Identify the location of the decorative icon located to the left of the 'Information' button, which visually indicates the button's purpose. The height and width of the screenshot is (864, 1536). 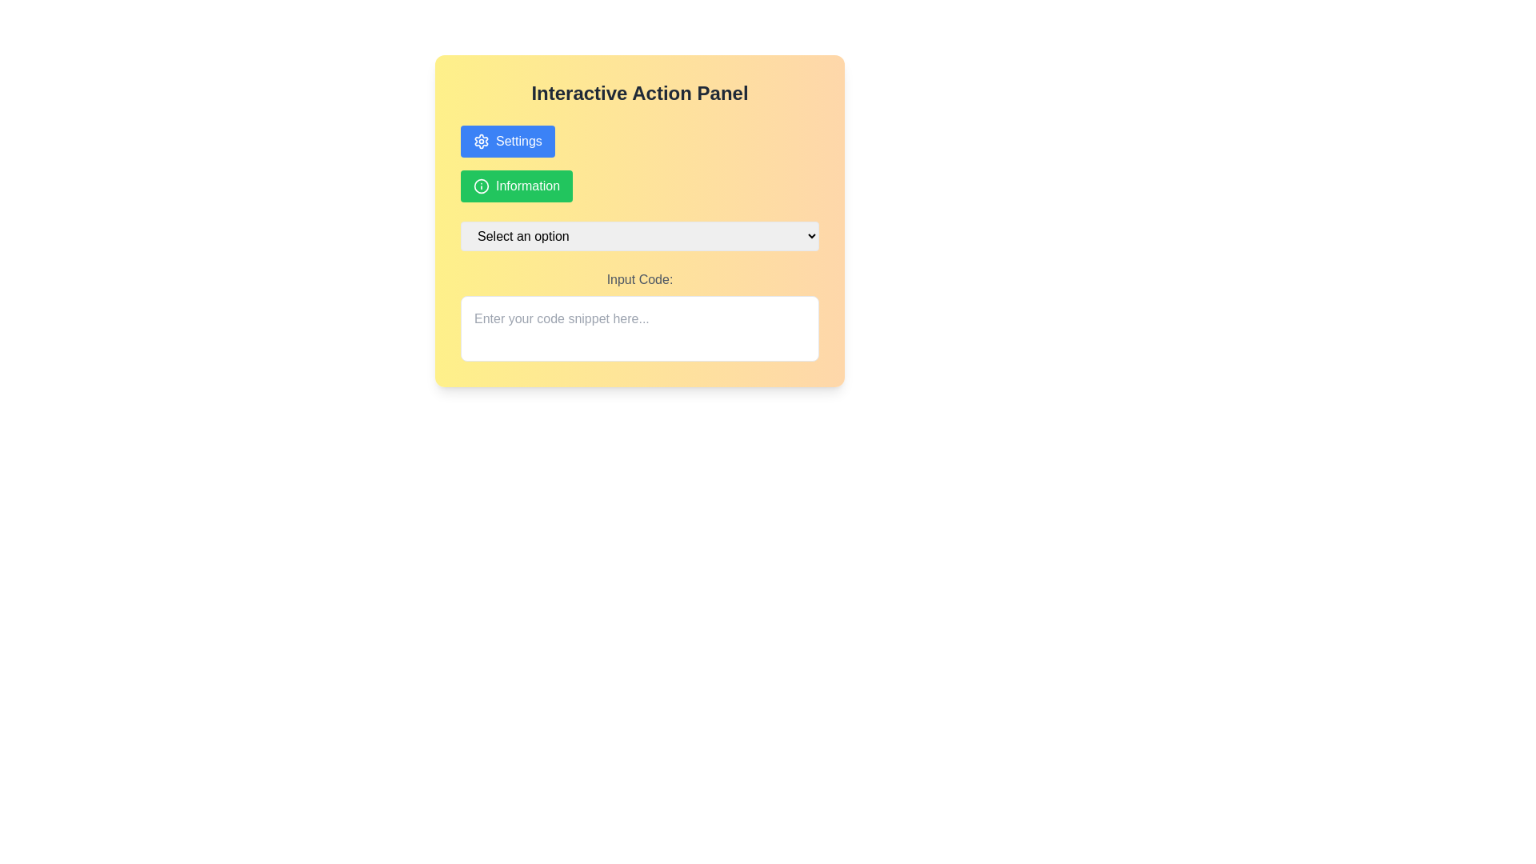
(480, 185).